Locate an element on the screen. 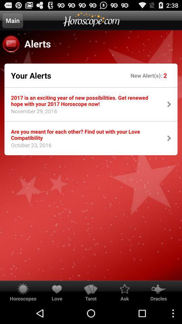 The image size is (182, 324). the icon next to new alert(s):  icon is located at coordinates (165, 75).